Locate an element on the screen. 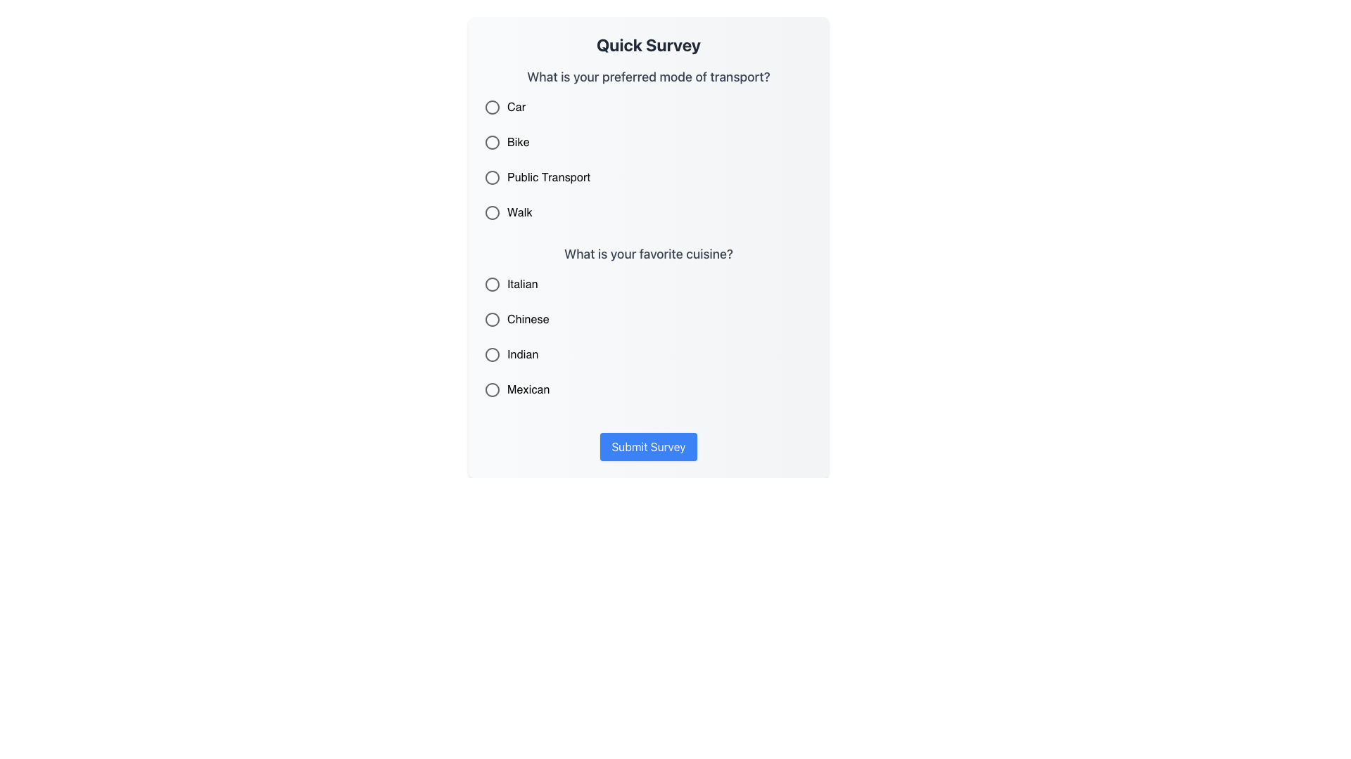  the third radio button labeled 'Chinese' in the survey question 'What is your favorite cuisine?' is located at coordinates (493, 320).